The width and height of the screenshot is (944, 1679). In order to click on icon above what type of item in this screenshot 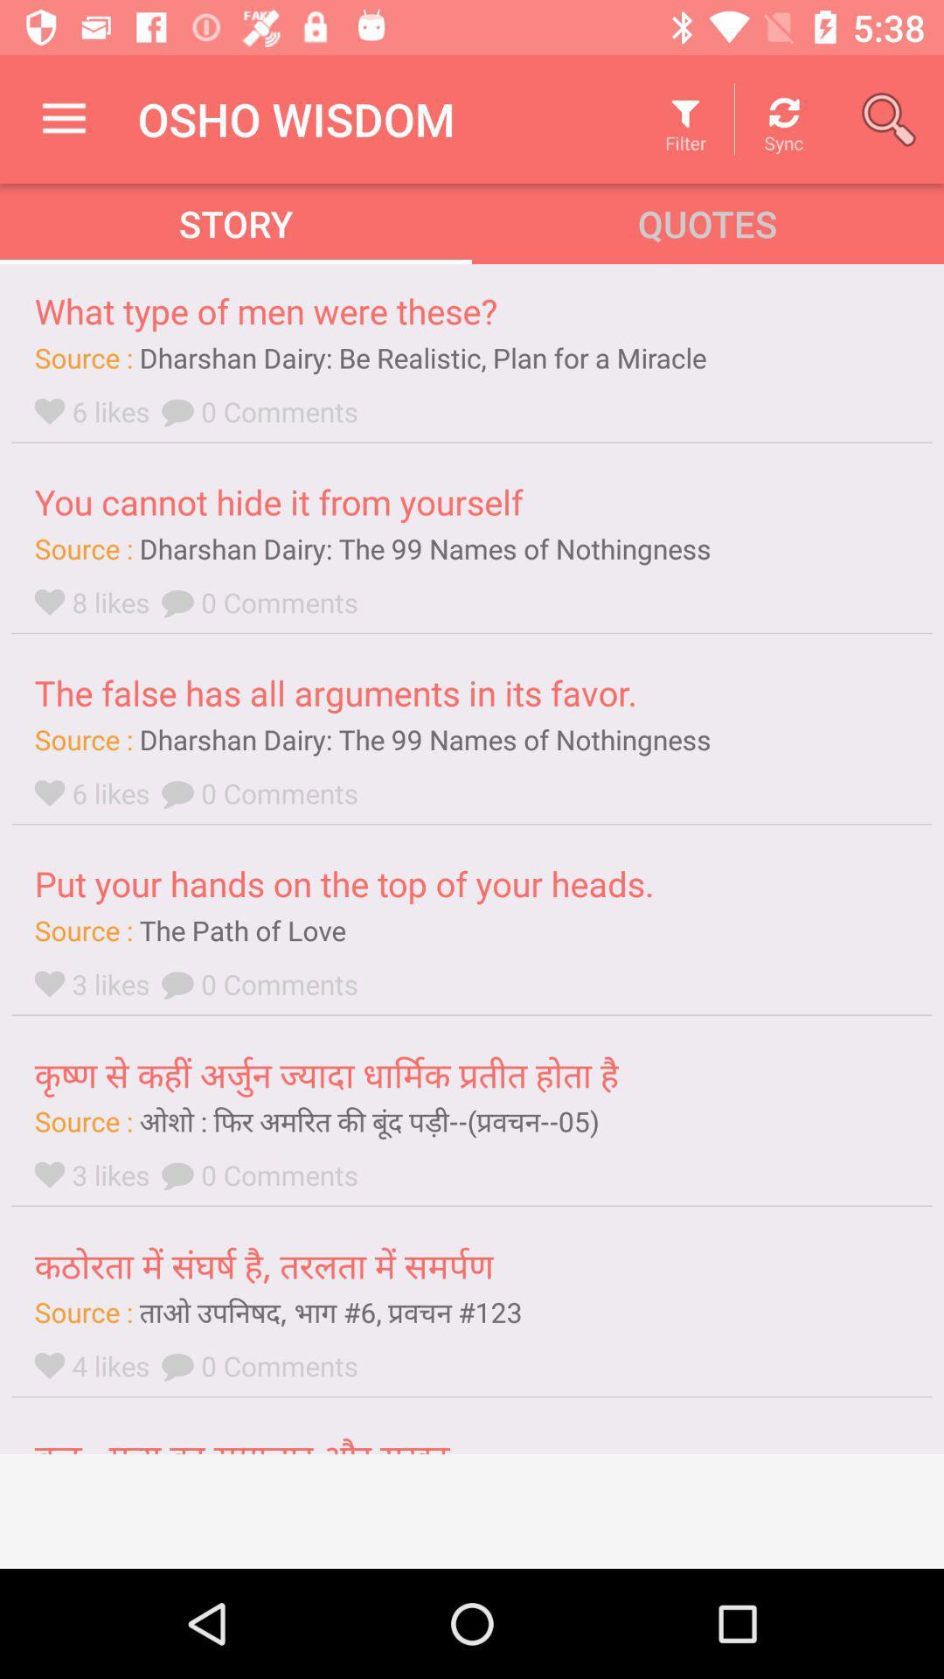, I will do `click(63, 118)`.